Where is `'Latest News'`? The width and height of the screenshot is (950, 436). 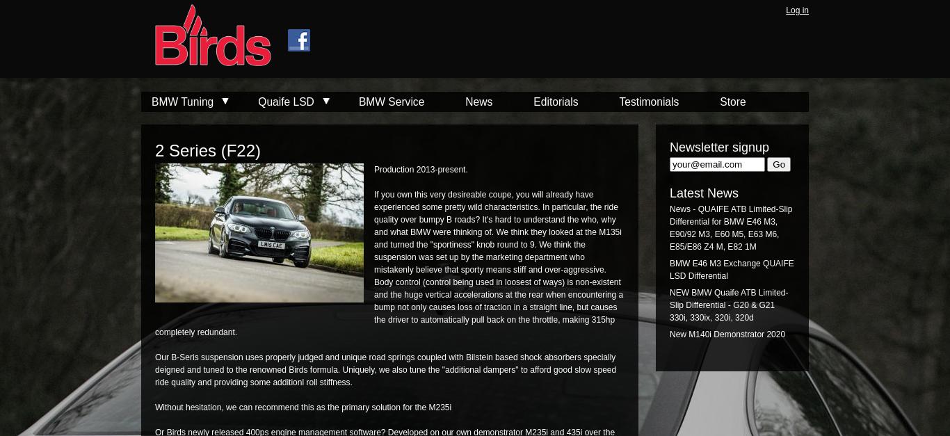
'Latest News' is located at coordinates (670, 193).